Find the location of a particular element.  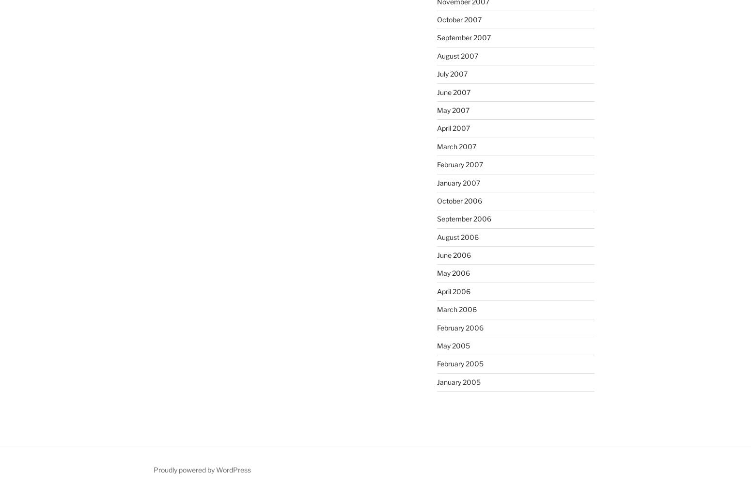

'January 2007' is located at coordinates (457, 182).